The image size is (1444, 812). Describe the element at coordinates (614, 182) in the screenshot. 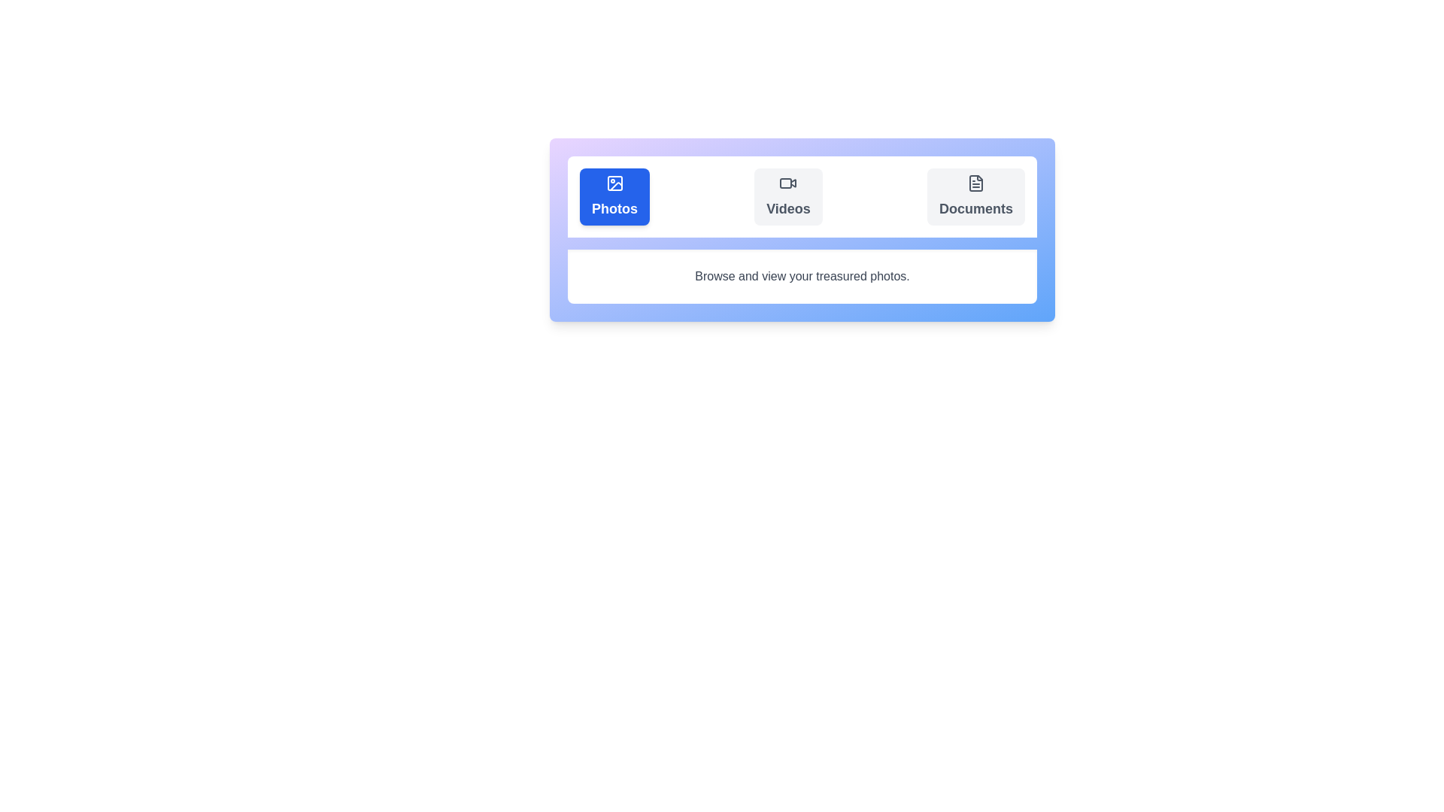

I see `the small rectangular decorative SVG component that is part of the 'Photos' button, representing an image or photo icon` at that location.